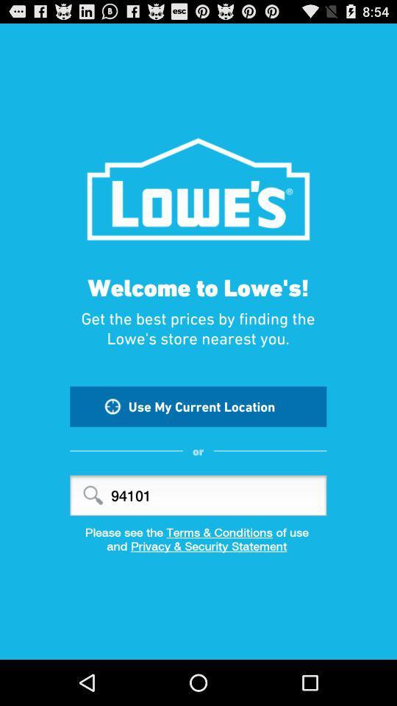 The height and width of the screenshot is (706, 397). What do you see at coordinates (198, 550) in the screenshot?
I see `the item below the please see the` at bounding box center [198, 550].